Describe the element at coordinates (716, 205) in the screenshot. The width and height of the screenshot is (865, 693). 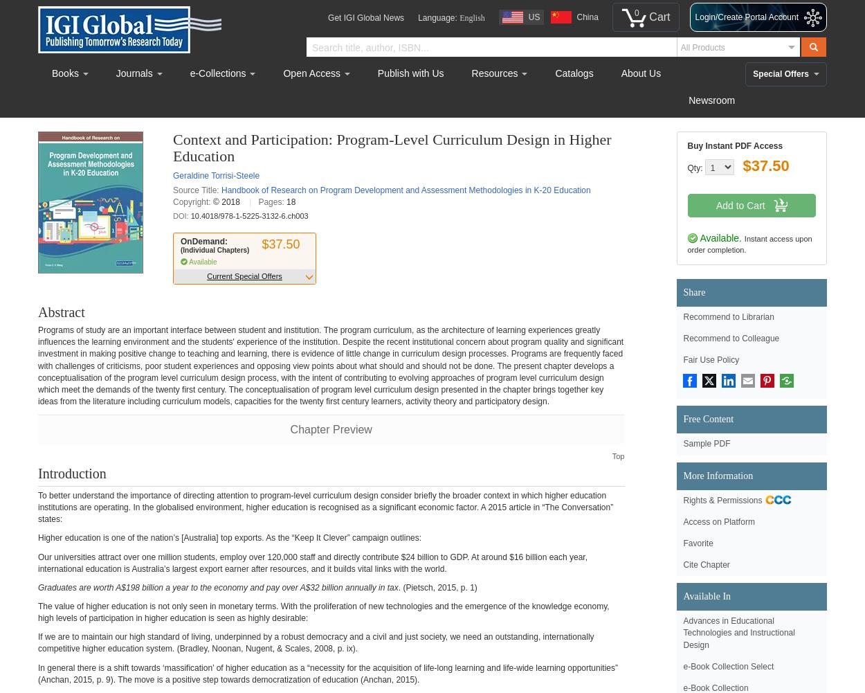
I see `'Add to Cart'` at that location.